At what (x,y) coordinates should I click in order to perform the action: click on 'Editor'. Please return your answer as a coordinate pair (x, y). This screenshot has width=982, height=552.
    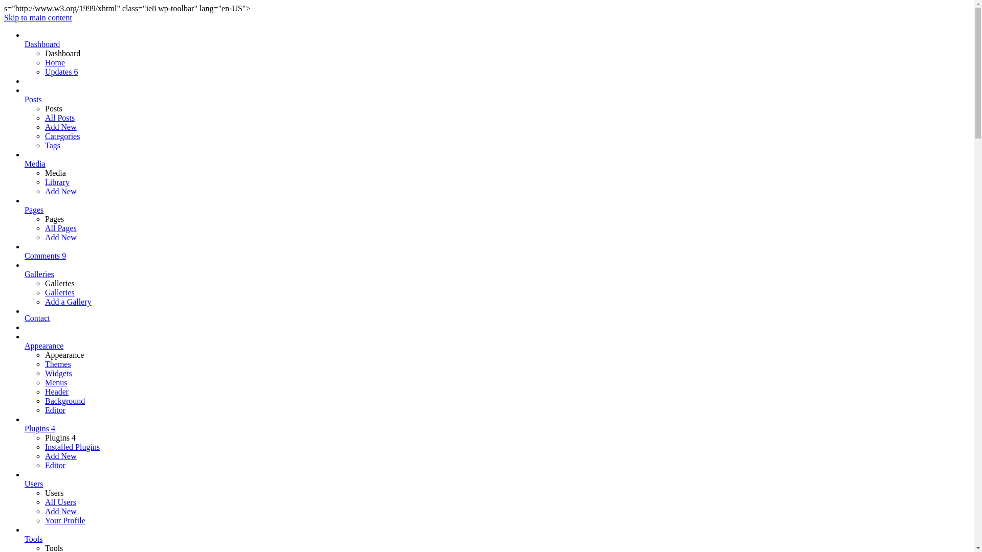
    Looking at the image, I should click on (44, 409).